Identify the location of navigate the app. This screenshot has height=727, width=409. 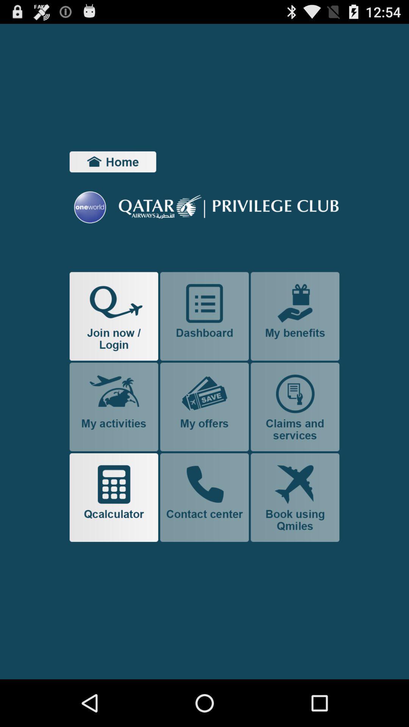
(295, 316).